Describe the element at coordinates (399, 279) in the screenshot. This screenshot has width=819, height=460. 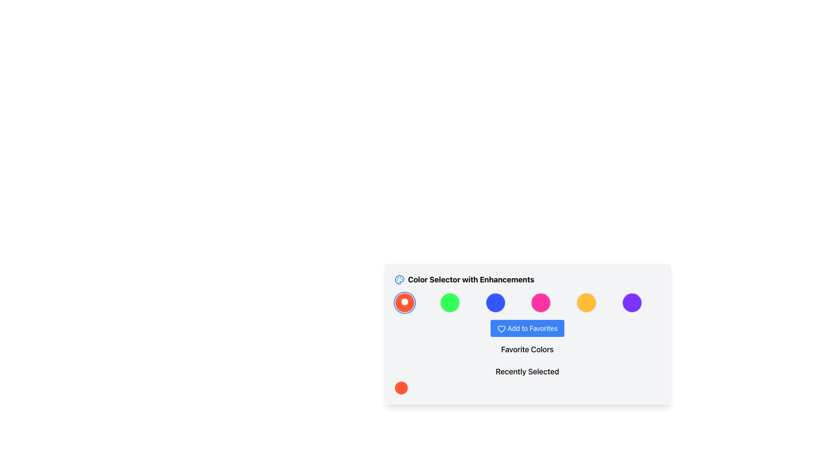
I see `the graphic icon representing a painter's palette, which symbolizes color selection functionality, located on the left side of the 'Color Selector with Enhancements' widget` at that location.